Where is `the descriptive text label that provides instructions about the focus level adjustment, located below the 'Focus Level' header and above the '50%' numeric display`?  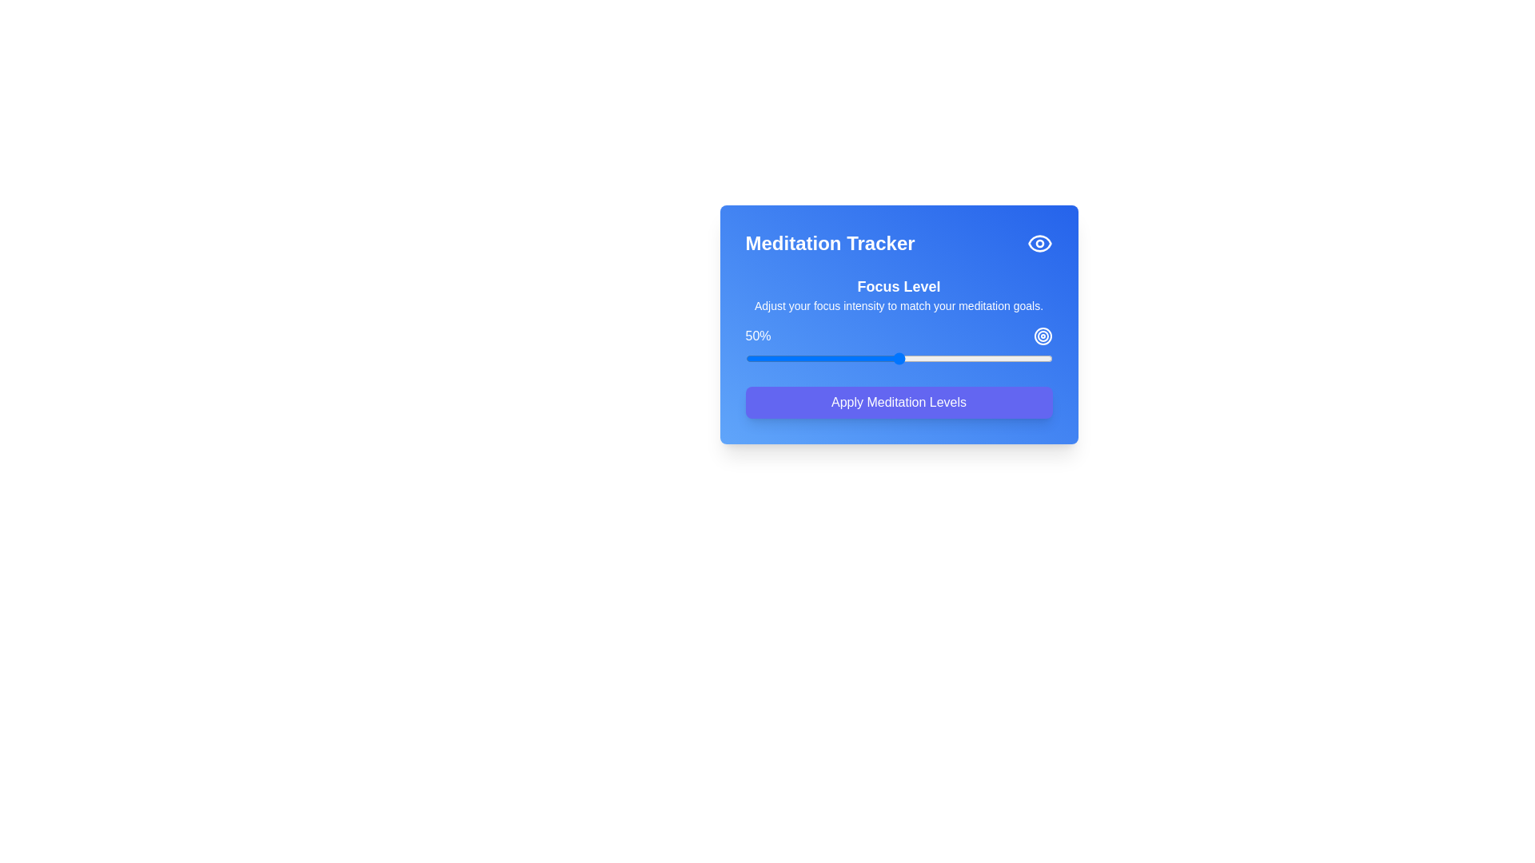
the descriptive text label that provides instructions about the focus level adjustment, located below the 'Focus Level' header and above the '50%' numeric display is located at coordinates (899, 305).